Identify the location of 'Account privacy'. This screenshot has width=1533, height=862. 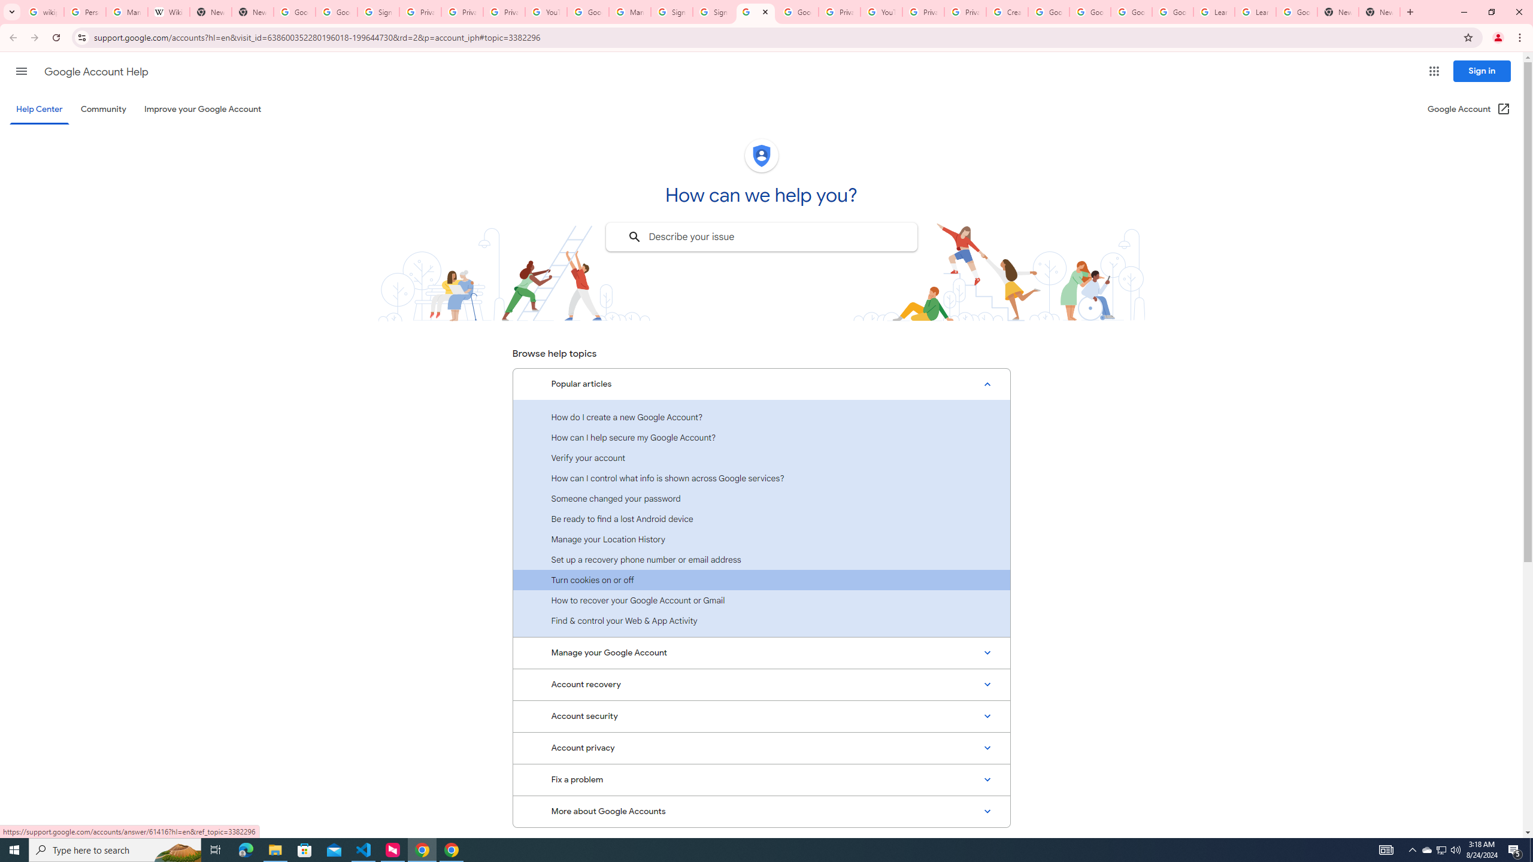
(761, 747).